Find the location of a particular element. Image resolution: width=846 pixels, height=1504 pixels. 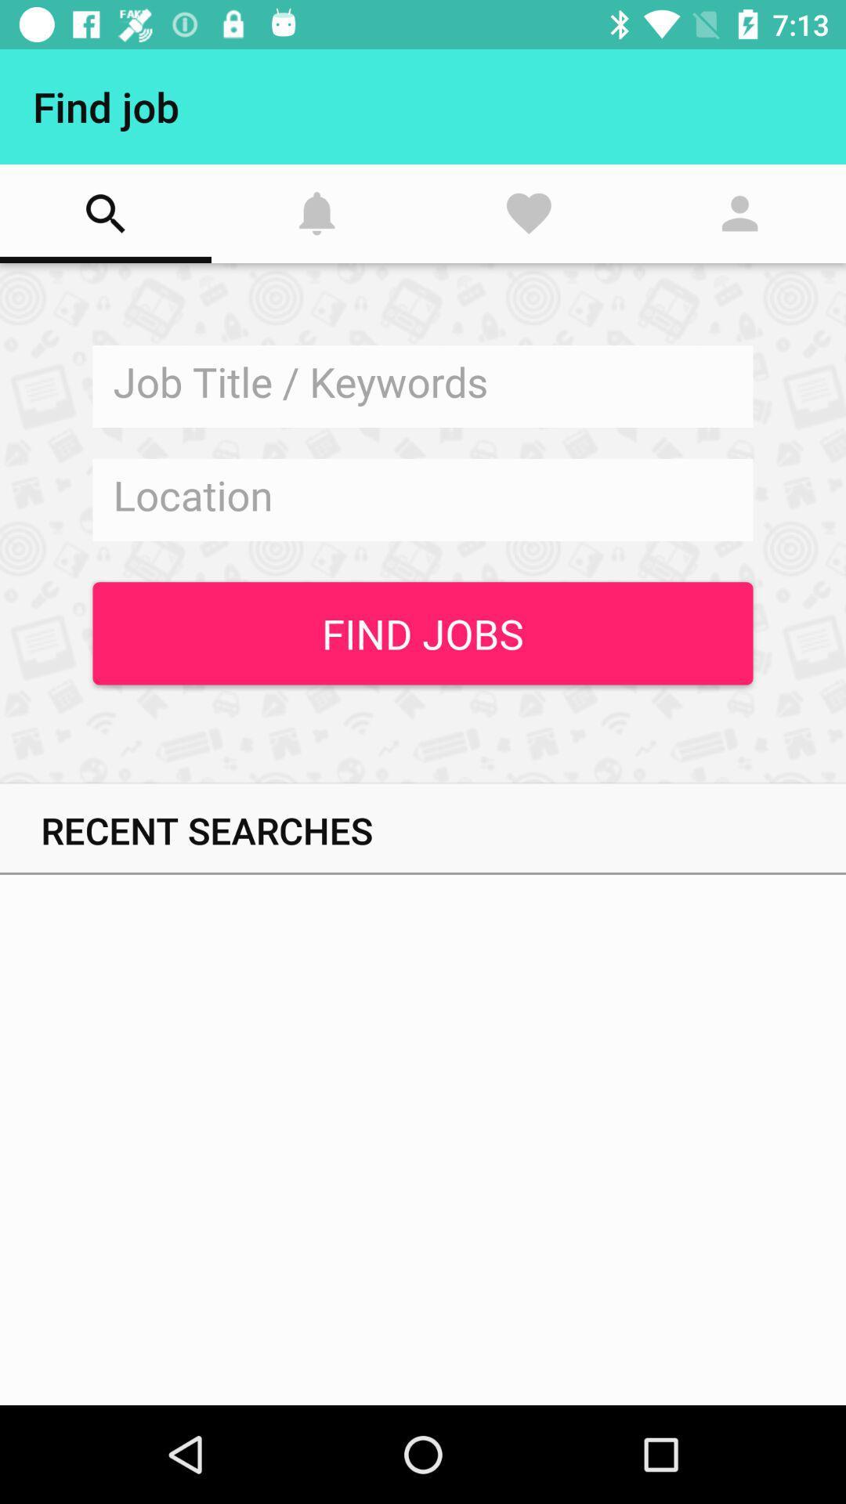

search by job type is located at coordinates (423, 386).